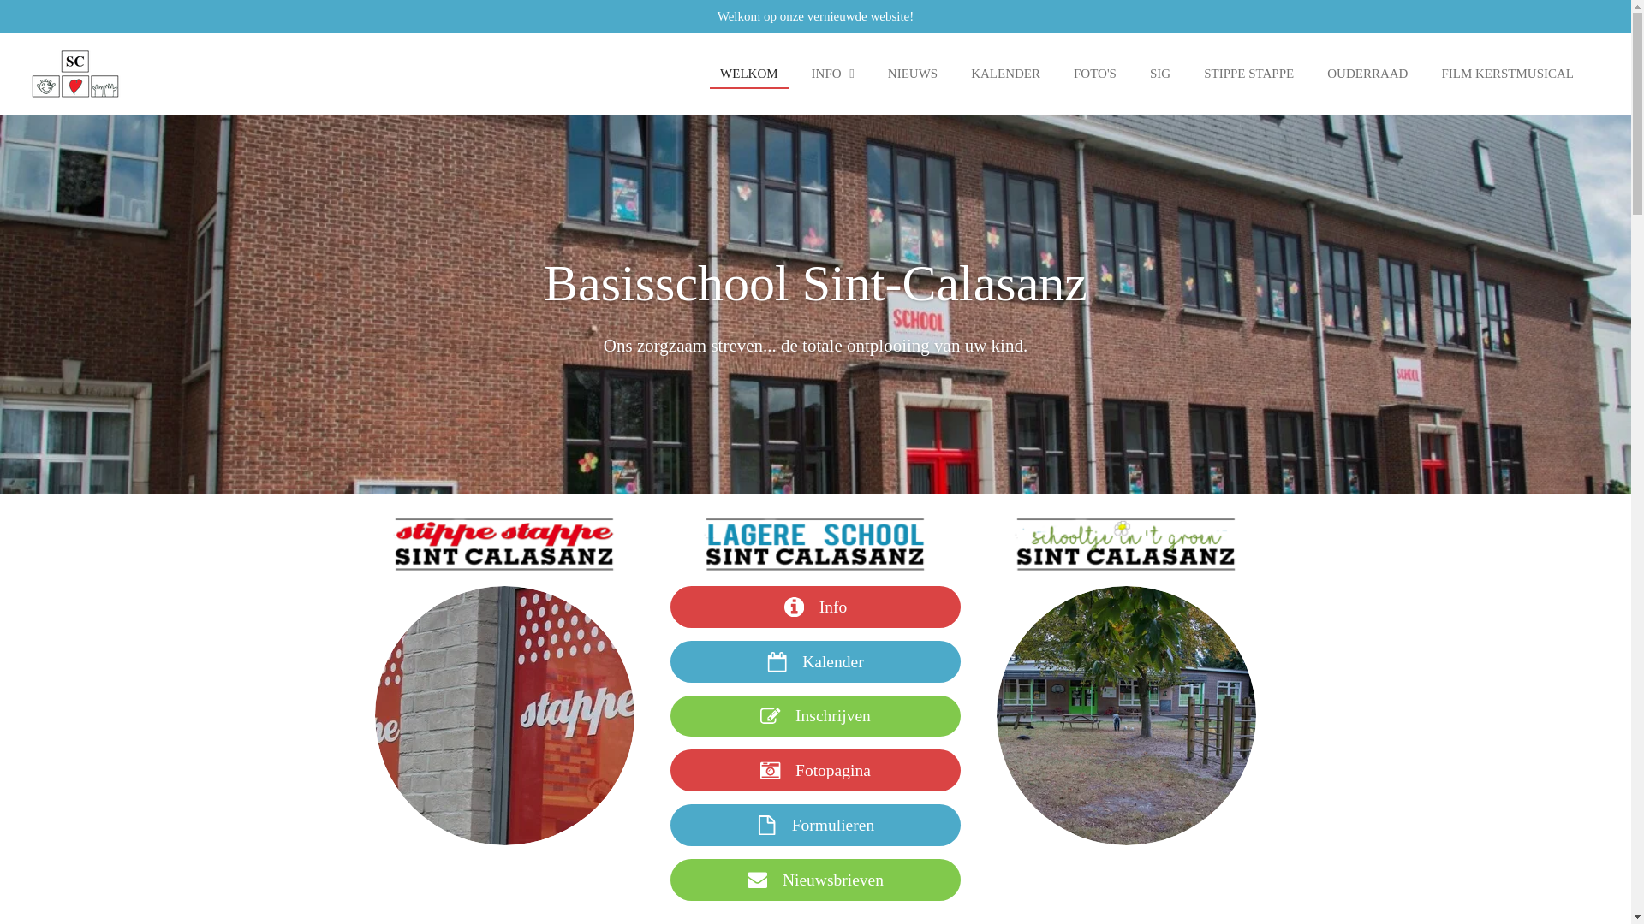 This screenshot has width=1644, height=924. Describe the element at coordinates (814, 824) in the screenshot. I see `'Formulieren'` at that location.